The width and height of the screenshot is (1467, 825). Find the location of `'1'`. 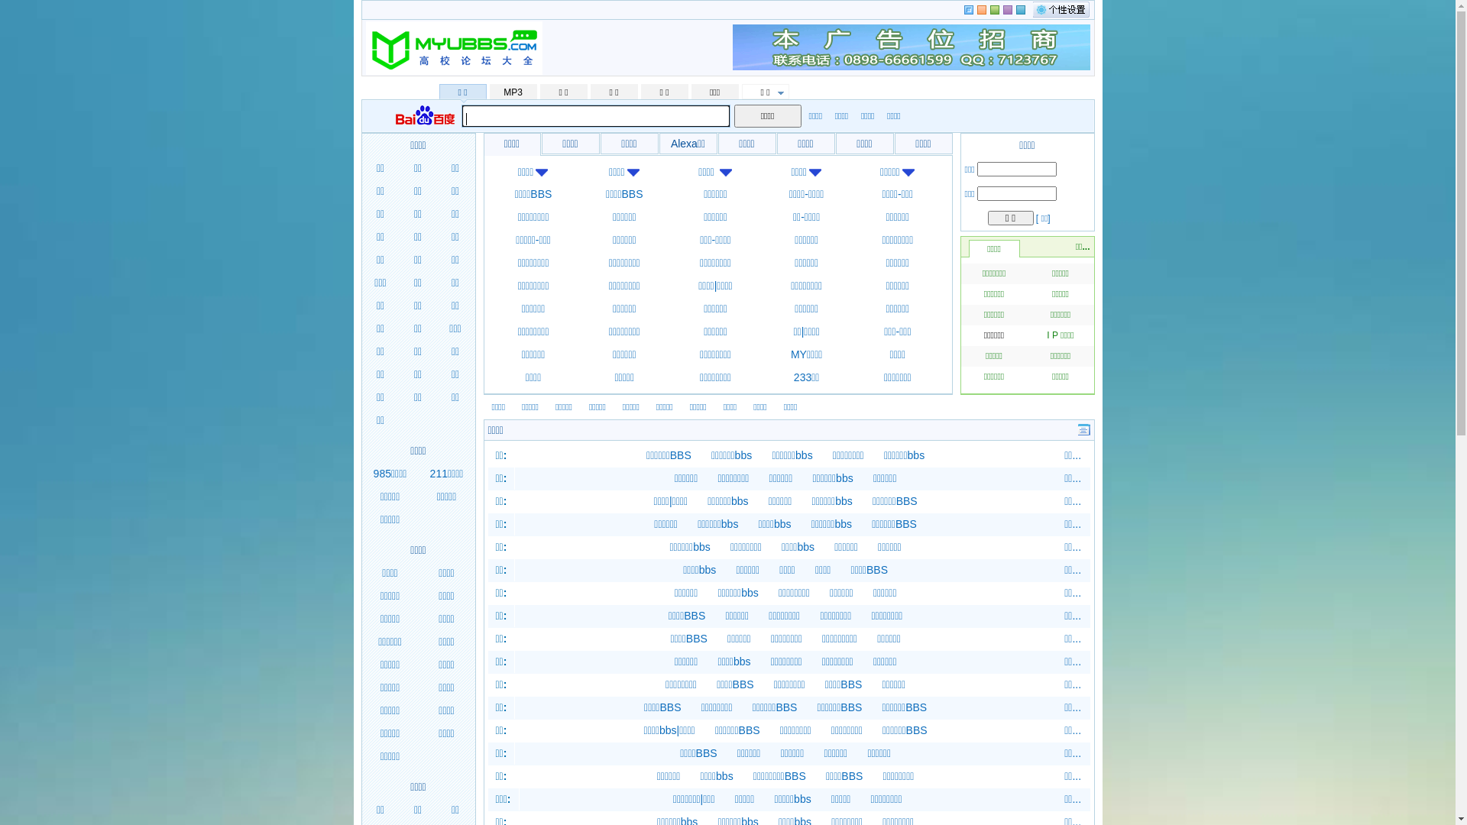

'1' is located at coordinates (980, 9).